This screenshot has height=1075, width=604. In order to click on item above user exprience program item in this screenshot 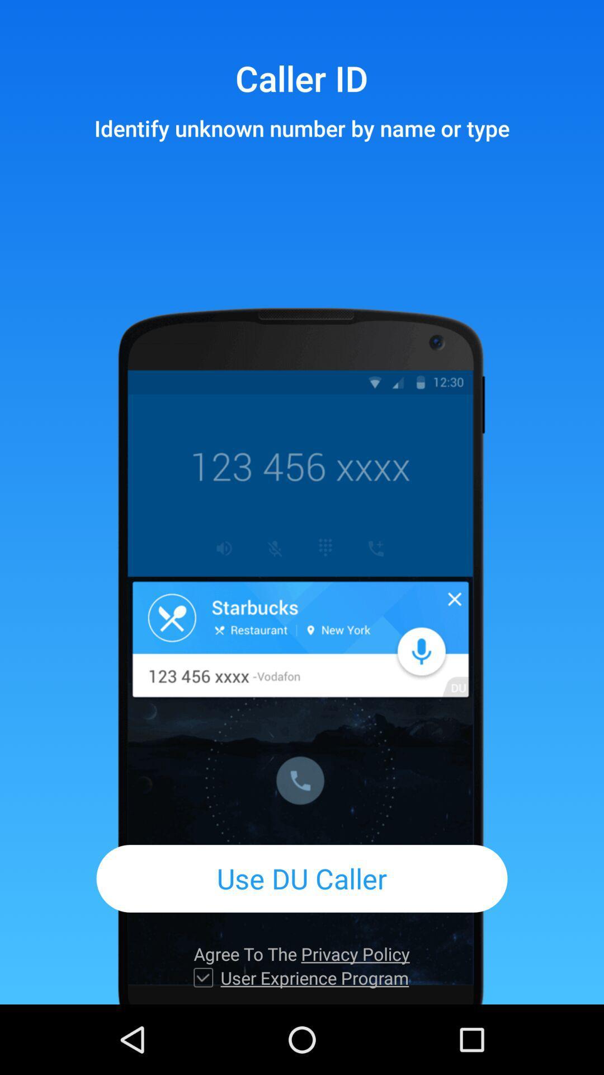, I will do `click(301, 953)`.